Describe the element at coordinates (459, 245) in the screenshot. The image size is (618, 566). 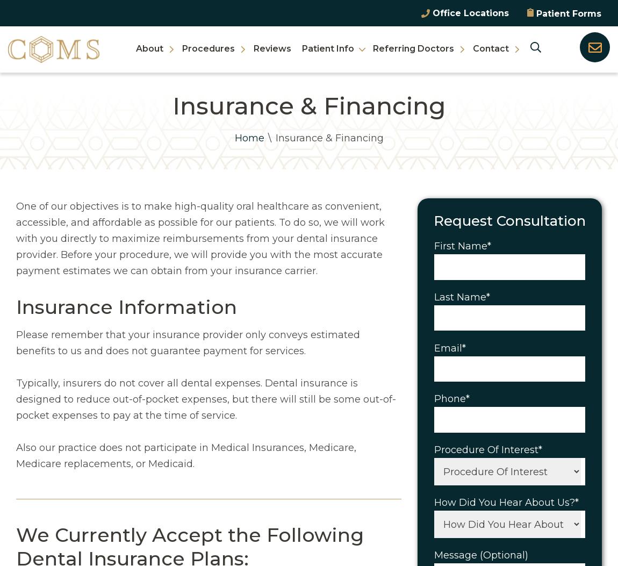
I see `'First Name'` at that location.